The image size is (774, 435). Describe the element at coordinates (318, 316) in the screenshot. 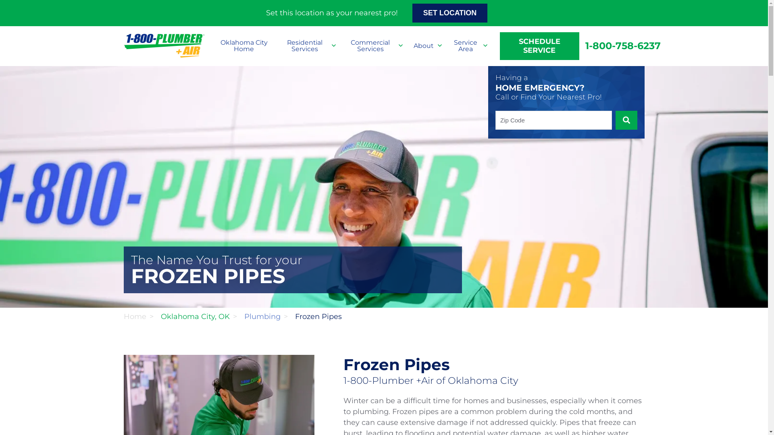

I see `'Frozen Pipes'` at that location.